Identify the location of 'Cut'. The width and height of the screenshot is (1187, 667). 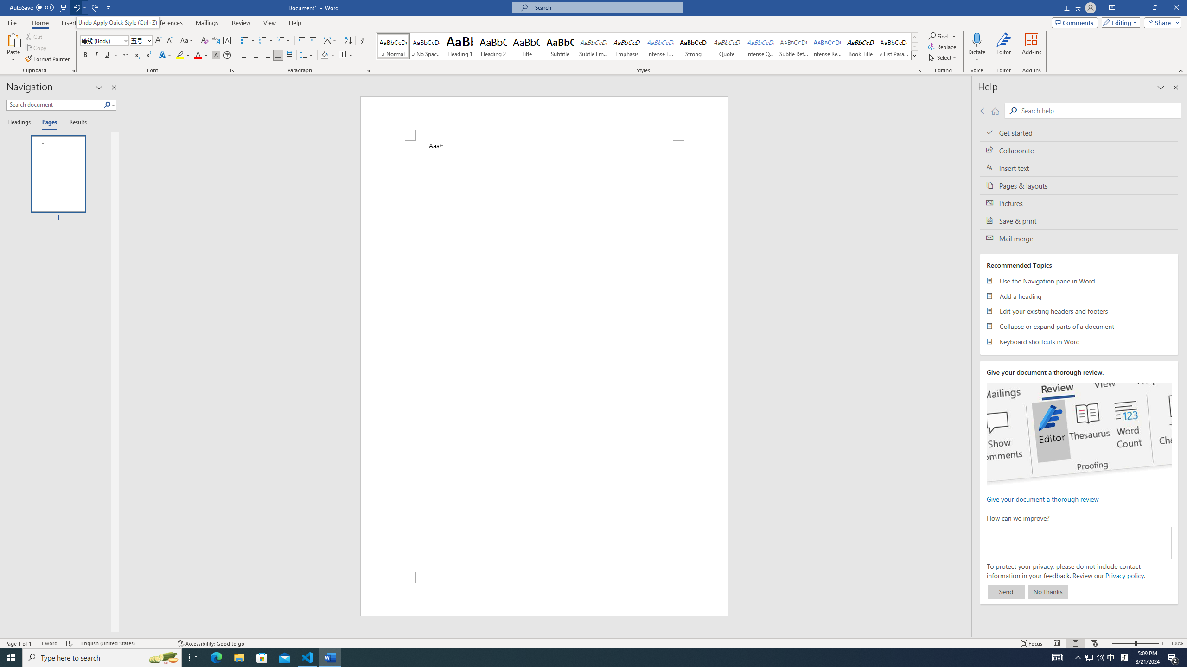
(34, 36).